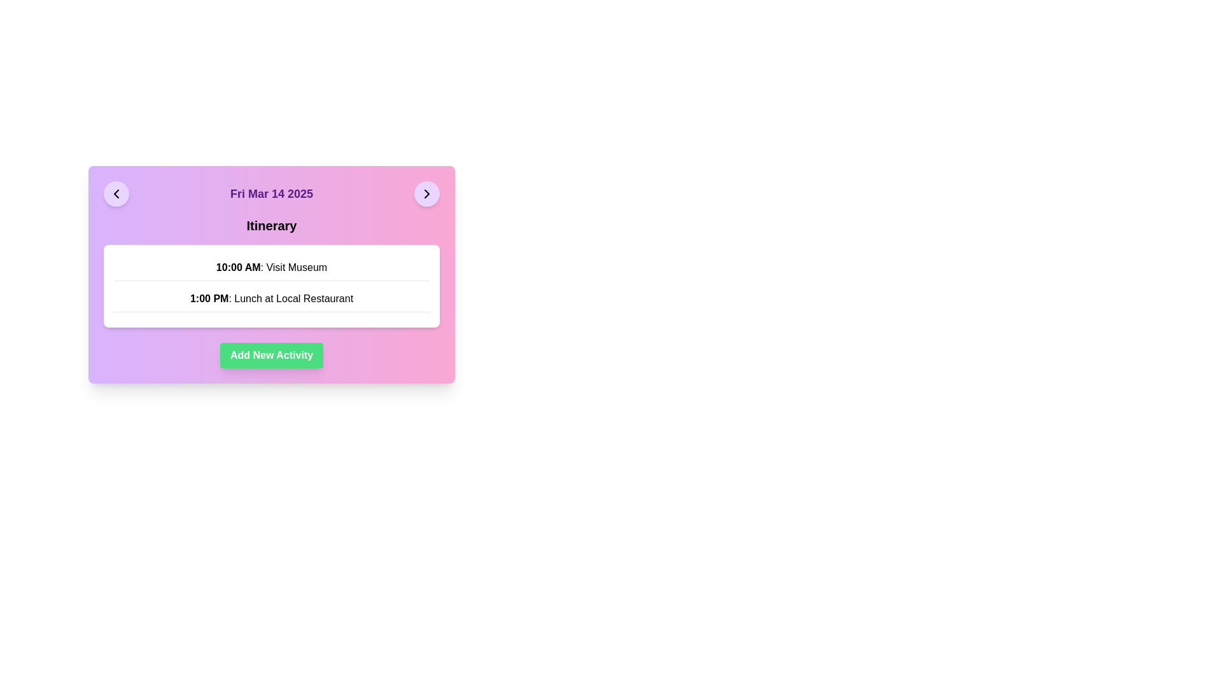 This screenshot has width=1222, height=687. I want to click on the button located beneath the itinerary items to initiate the process of adding a new activity to the itinerary, so click(271, 356).